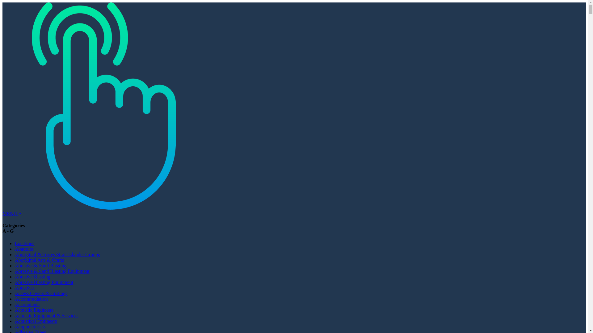 The height and width of the screenshot is (333, 593). I want to click on 'Abrasive & Sand Blasting Equipment', so click(52, 271).